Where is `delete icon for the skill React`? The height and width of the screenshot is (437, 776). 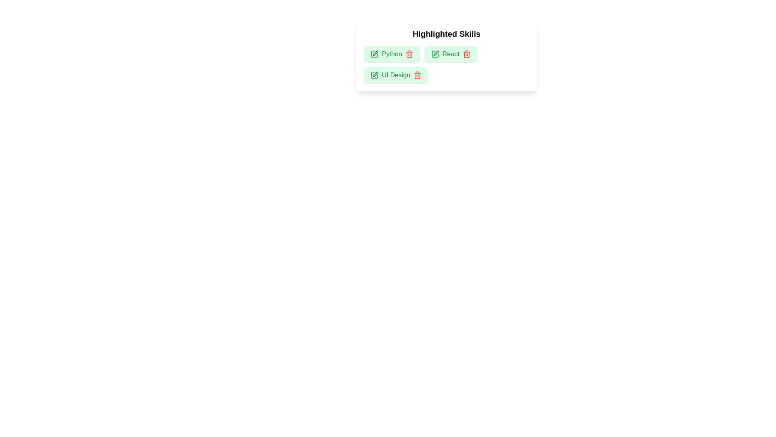 delete icon for the skill React is located at coordinates (466, 54).